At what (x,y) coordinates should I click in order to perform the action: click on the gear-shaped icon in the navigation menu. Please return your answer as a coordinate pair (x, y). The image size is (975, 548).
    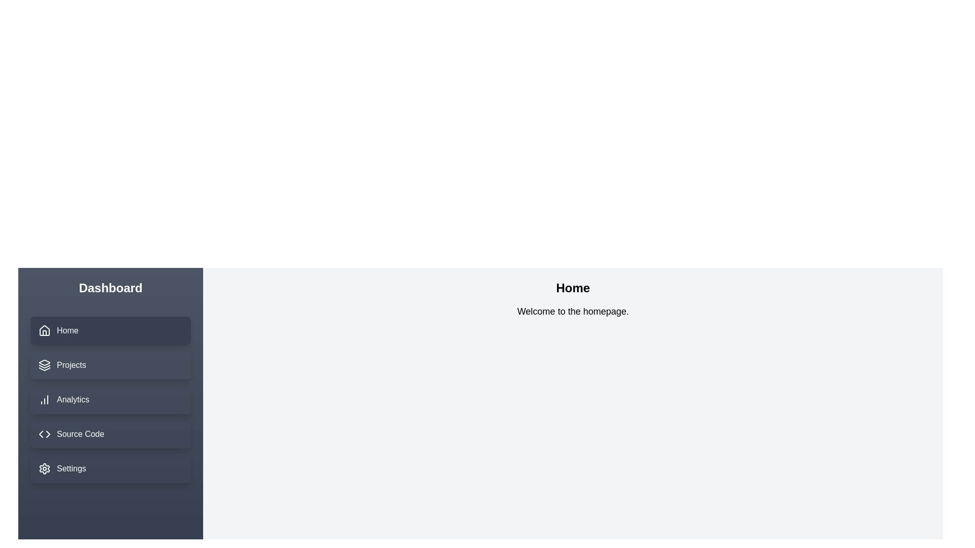
    Looking at the image, I should click on (44, 469).